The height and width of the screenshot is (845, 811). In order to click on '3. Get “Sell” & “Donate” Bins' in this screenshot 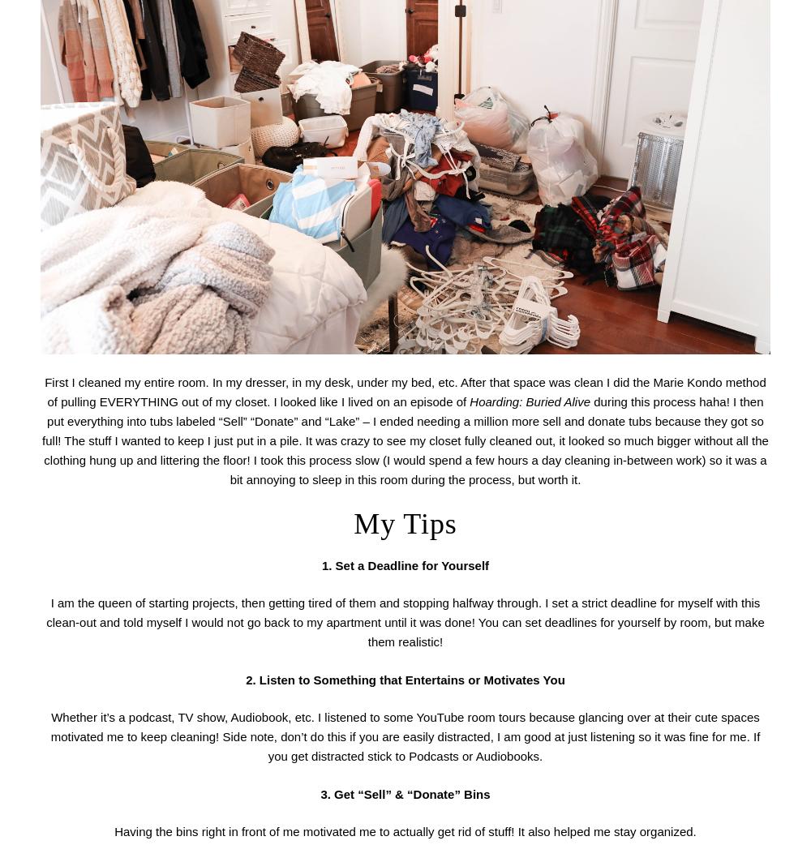, I will do `click(320, 793)`.